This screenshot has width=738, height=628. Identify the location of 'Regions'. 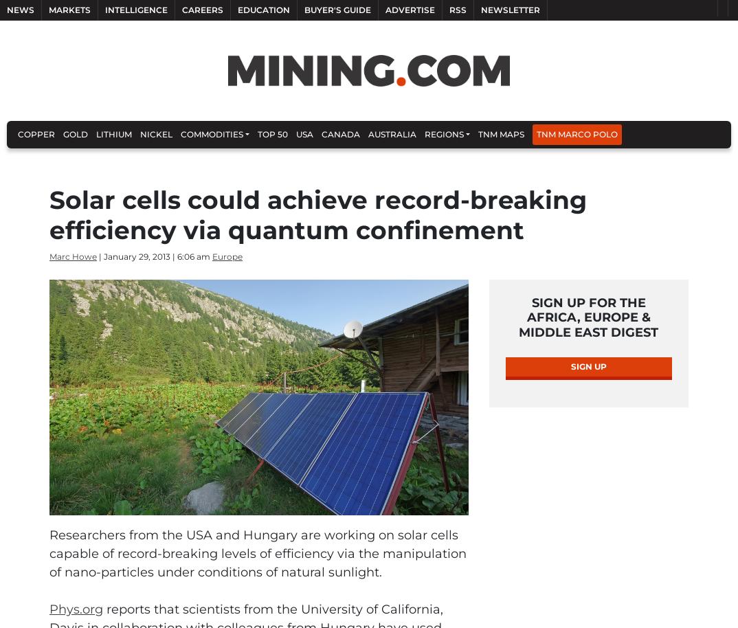
(443, 134).